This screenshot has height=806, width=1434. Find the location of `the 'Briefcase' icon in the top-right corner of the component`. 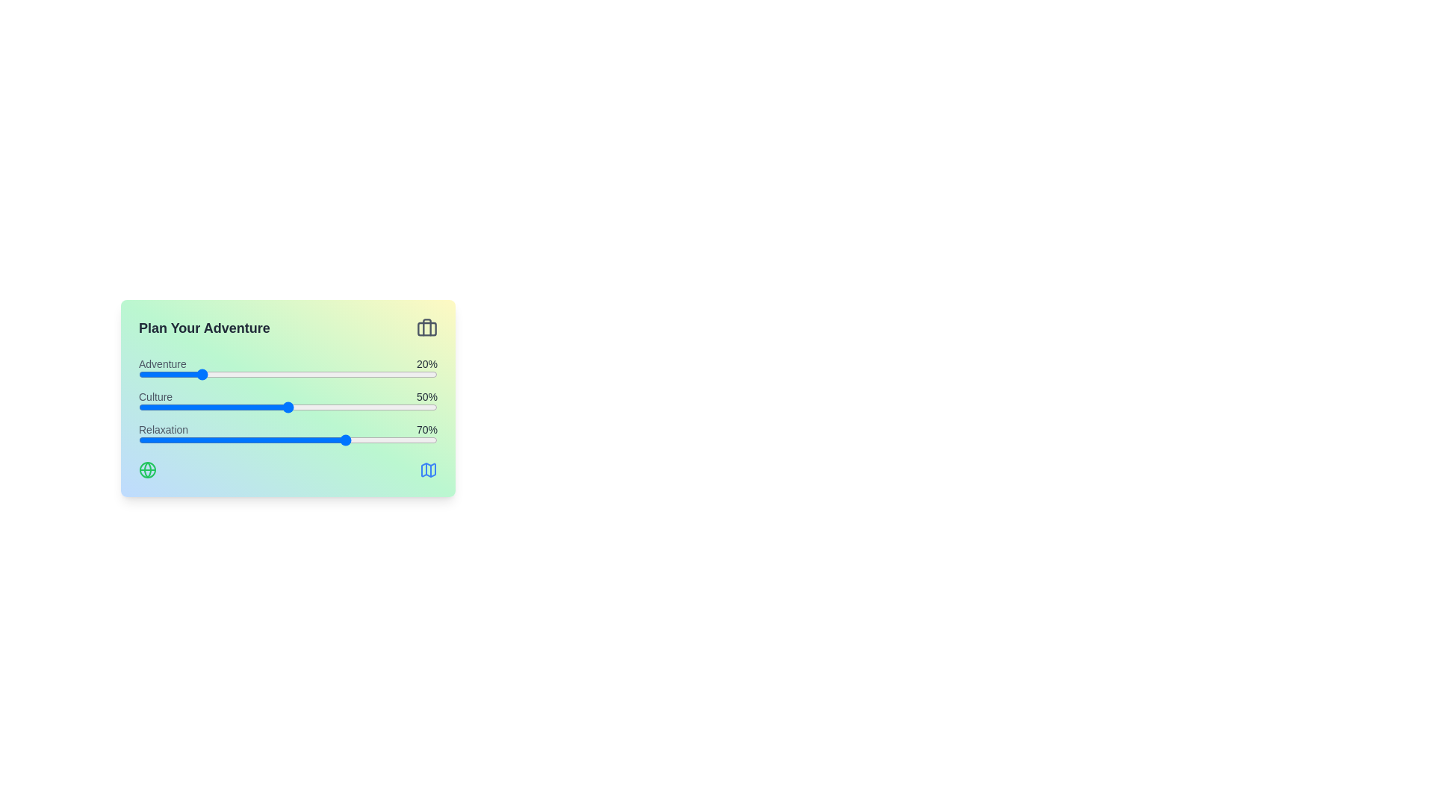

the 'Briefcase' icon in the top-right corner of the component is located at coordinates (426, 327).